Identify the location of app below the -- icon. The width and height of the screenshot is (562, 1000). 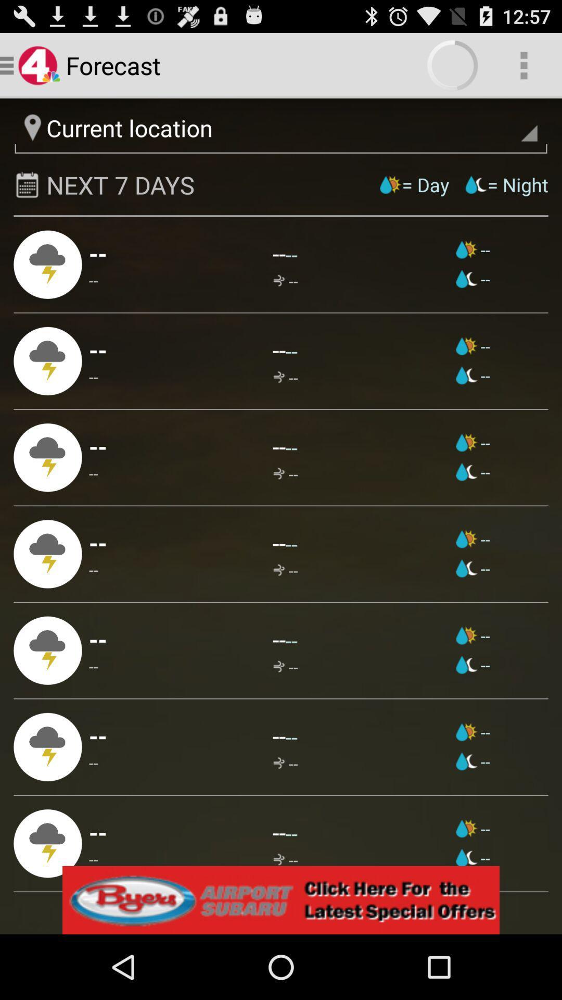
(94, 859).